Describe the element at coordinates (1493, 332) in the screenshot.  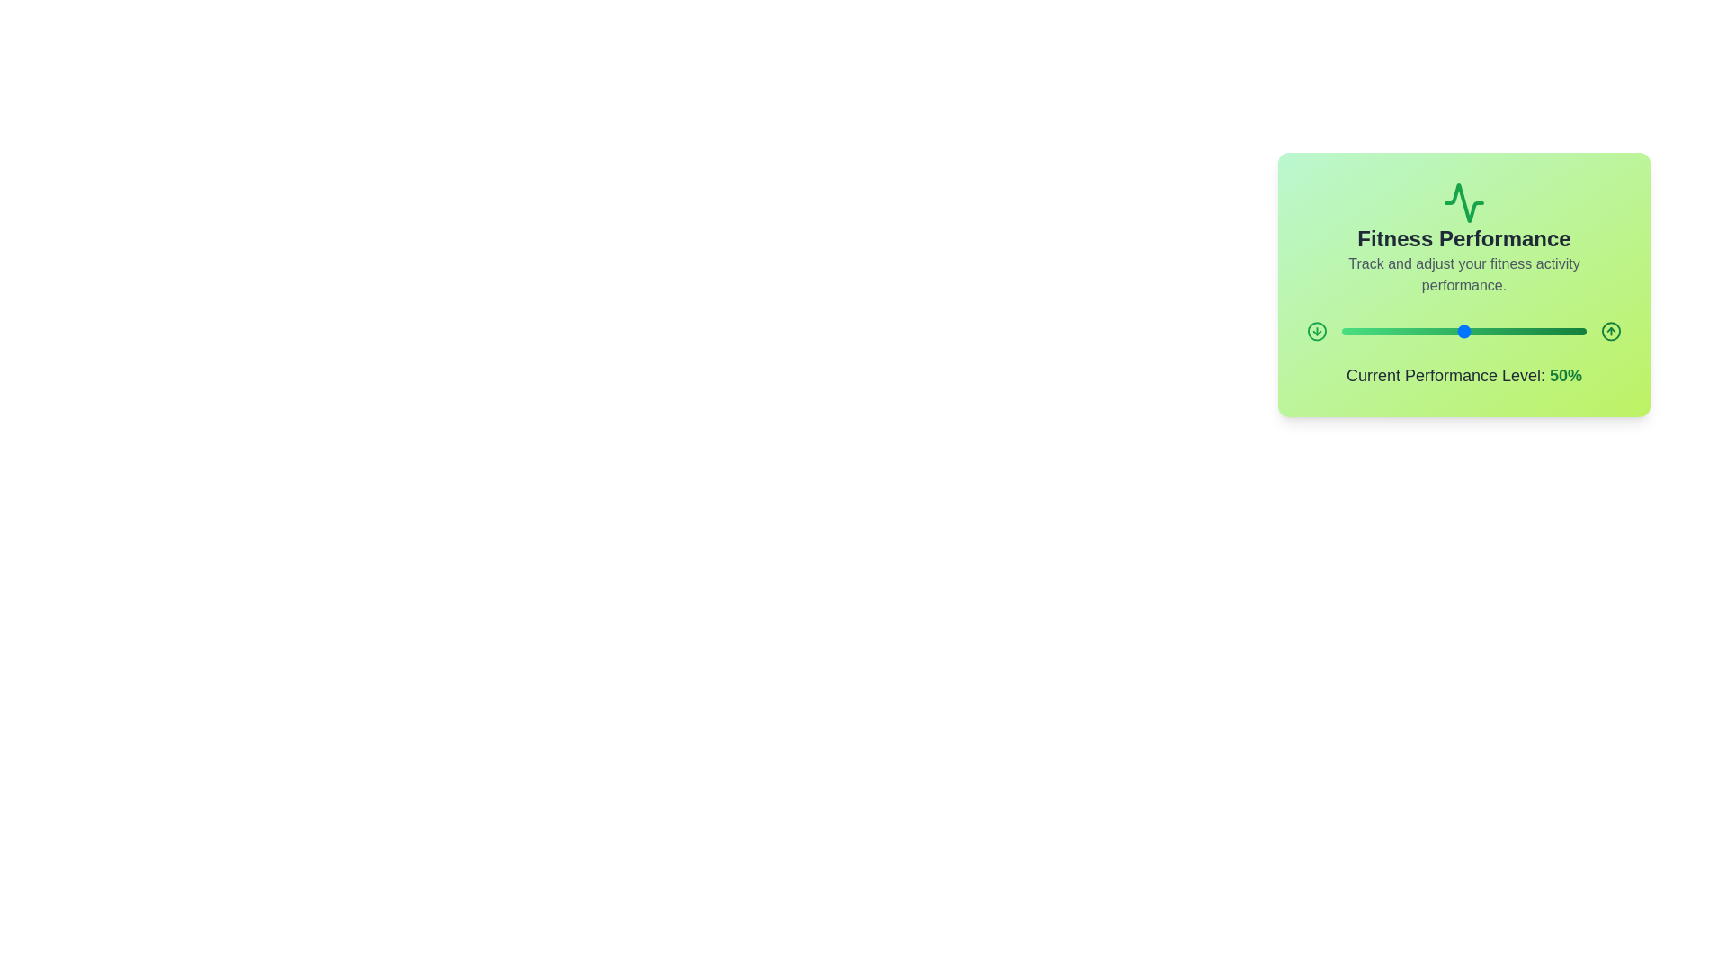
I see `the slider to set the performance level to 62%` at that location.